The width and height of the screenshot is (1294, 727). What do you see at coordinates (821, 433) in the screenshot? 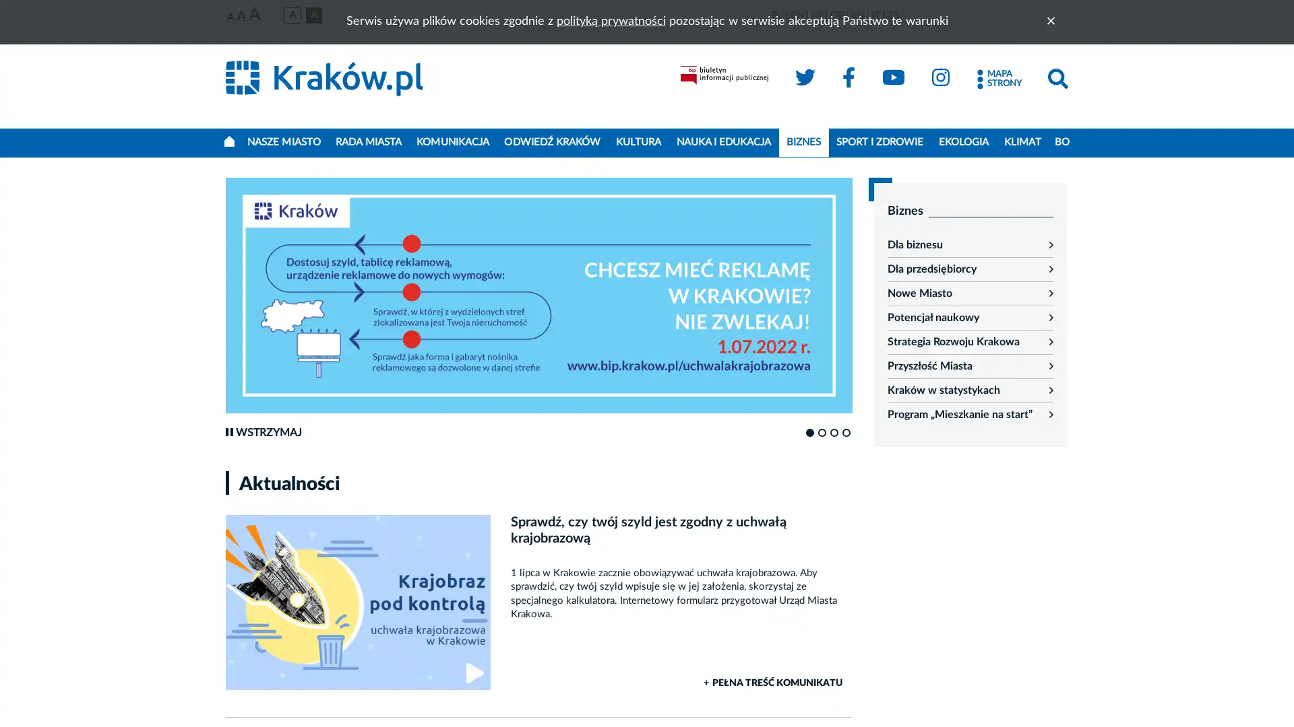
I see `Go to slide 2` at bounding box center [821, 433].